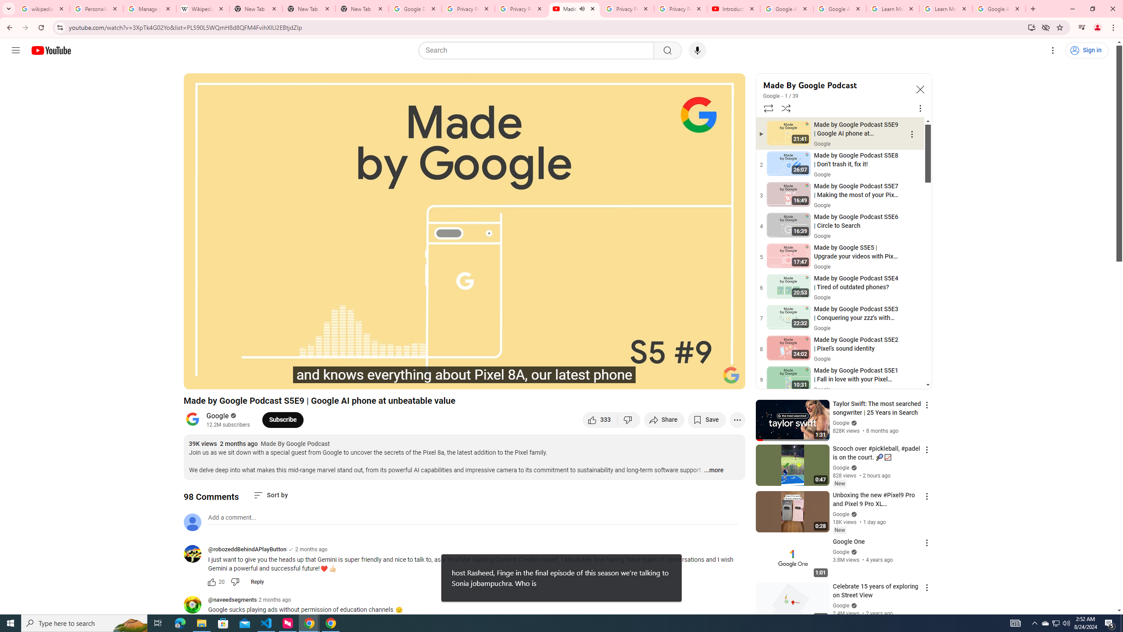 The width and height of the screenshot is (1123, 632). Describe the element at coordinates (768, 108) in the screenshot. I see `'Loop playlist'` at that location.